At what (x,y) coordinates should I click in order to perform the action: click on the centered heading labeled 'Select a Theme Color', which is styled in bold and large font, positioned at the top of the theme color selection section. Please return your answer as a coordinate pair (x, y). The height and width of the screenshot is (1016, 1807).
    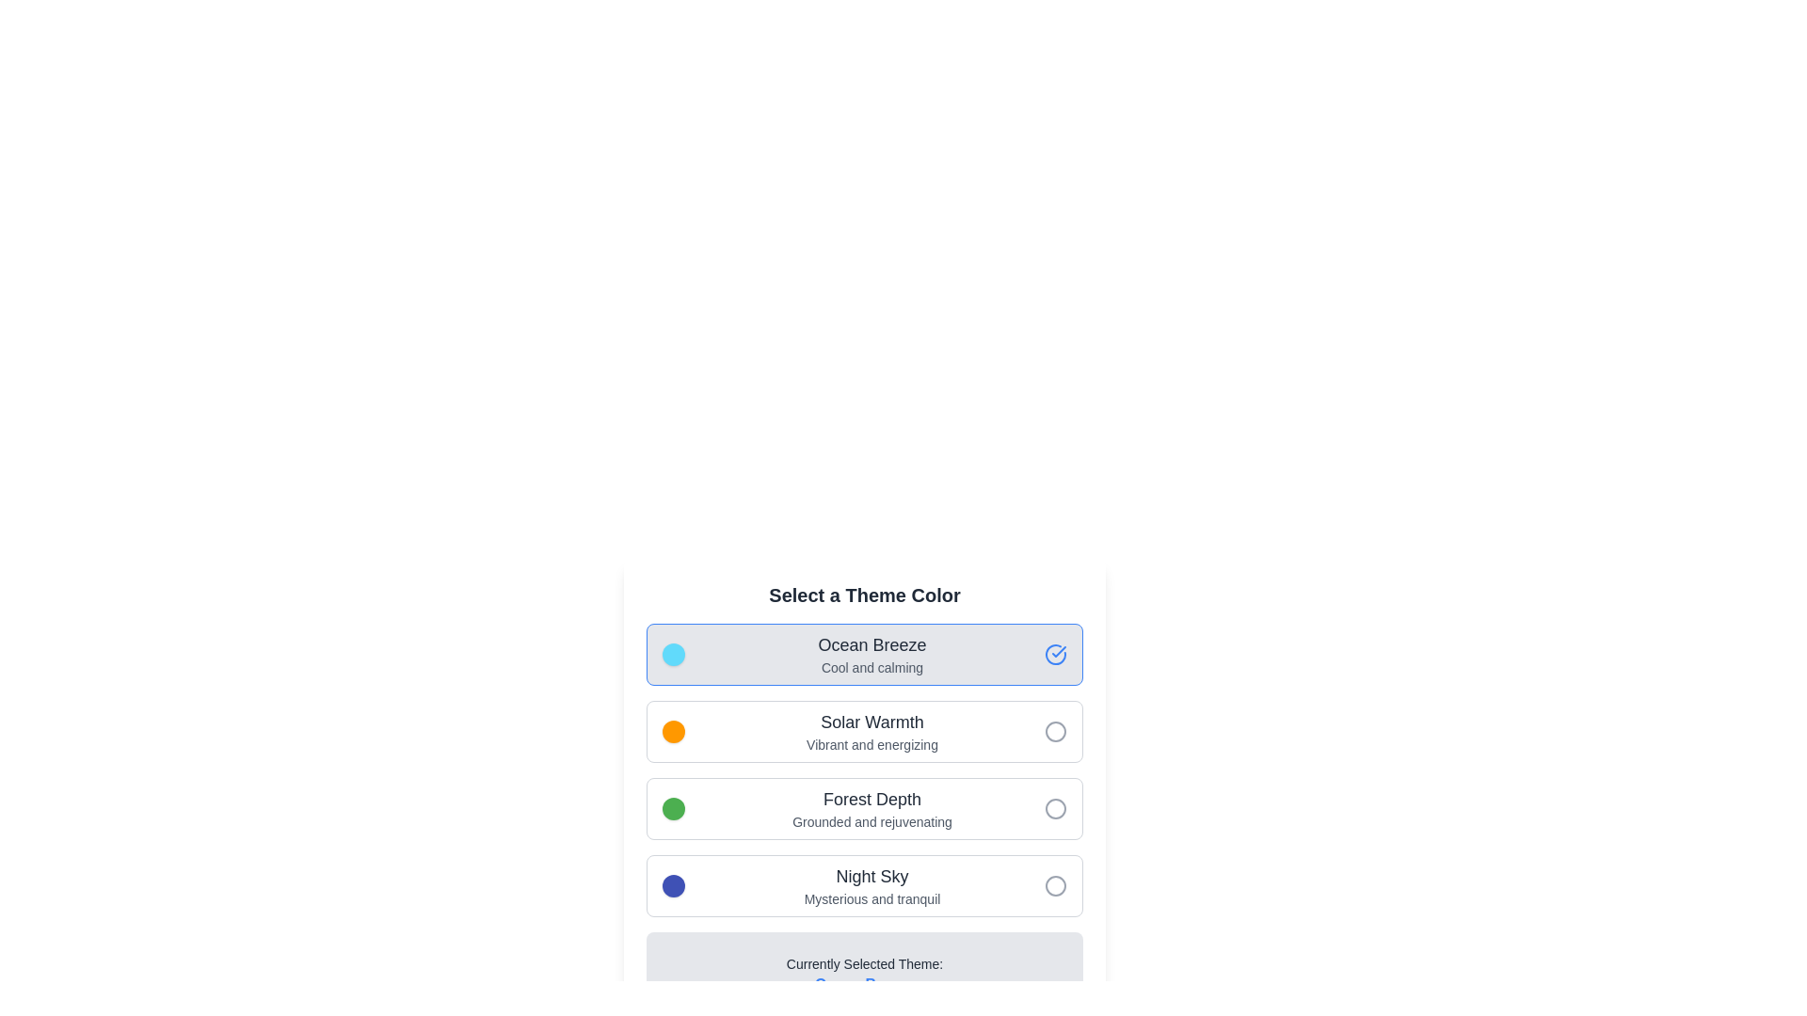
    Looking at the image, I should click on (863, 595).